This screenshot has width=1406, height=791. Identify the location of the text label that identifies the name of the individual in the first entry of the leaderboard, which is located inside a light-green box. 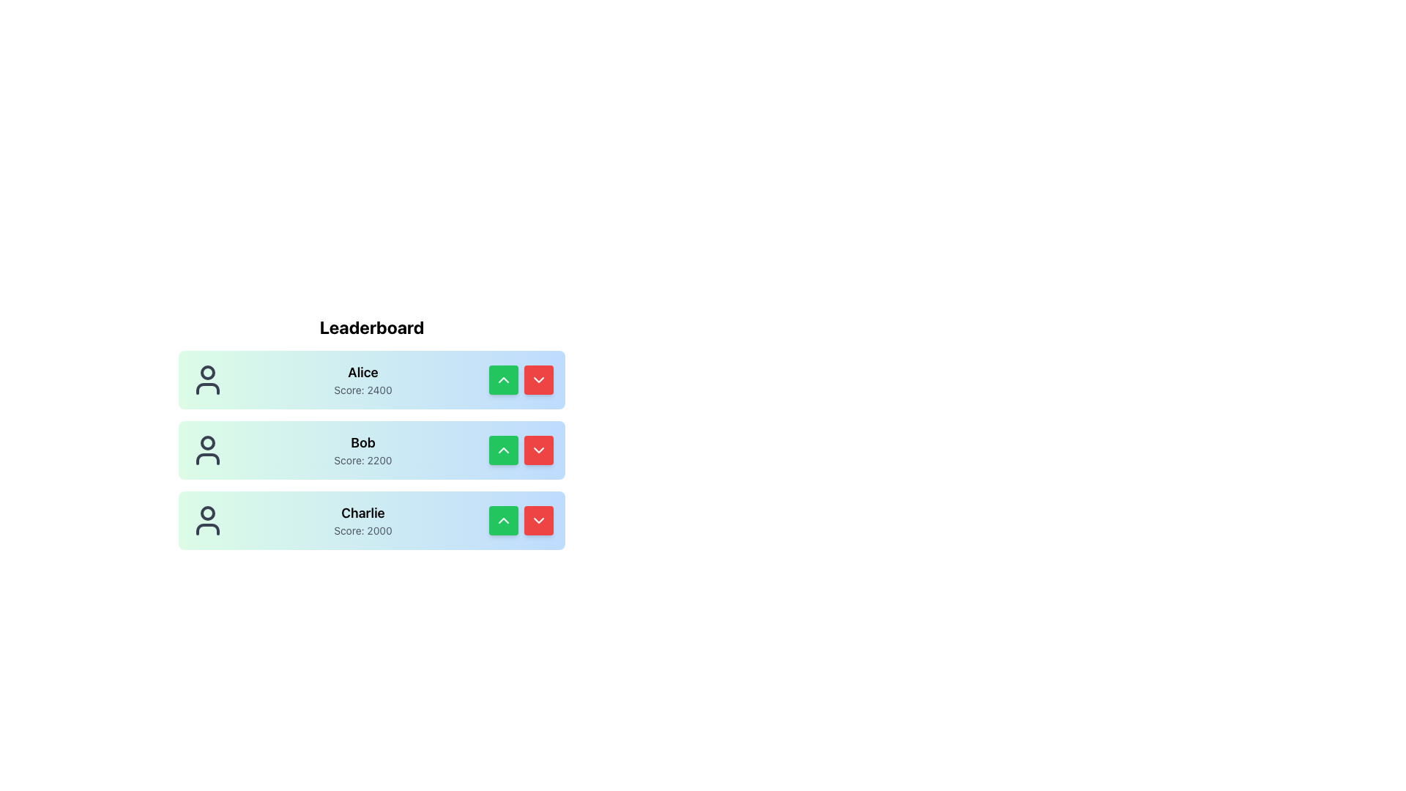
(362, 372).